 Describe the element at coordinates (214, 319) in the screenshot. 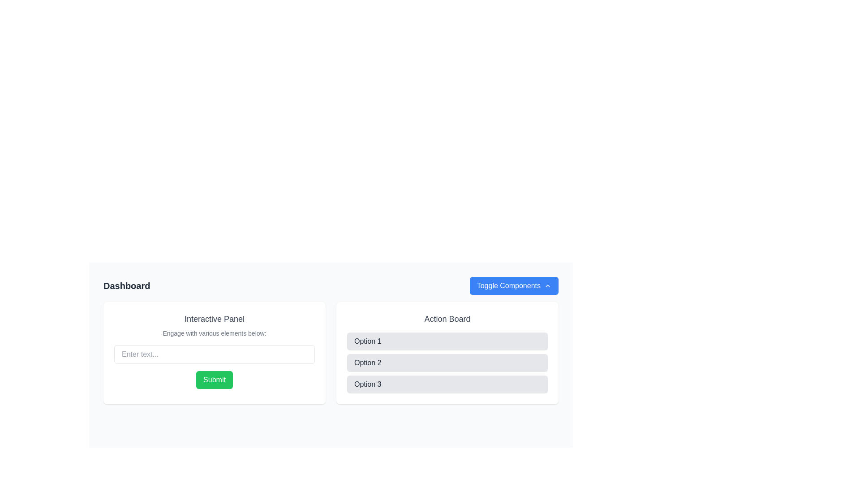

I see `the text label 'Interactive Panel', which is styled with a medium-sized gray font and located at the top of its containing panel` at that location.